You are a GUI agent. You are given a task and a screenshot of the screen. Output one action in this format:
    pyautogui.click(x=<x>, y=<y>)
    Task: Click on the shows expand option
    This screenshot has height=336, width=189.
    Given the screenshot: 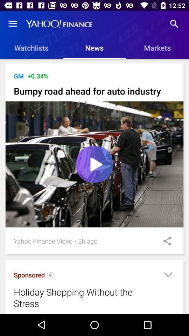 What is the action you would take?
    pyautogui.click(x=168, y=276)
    